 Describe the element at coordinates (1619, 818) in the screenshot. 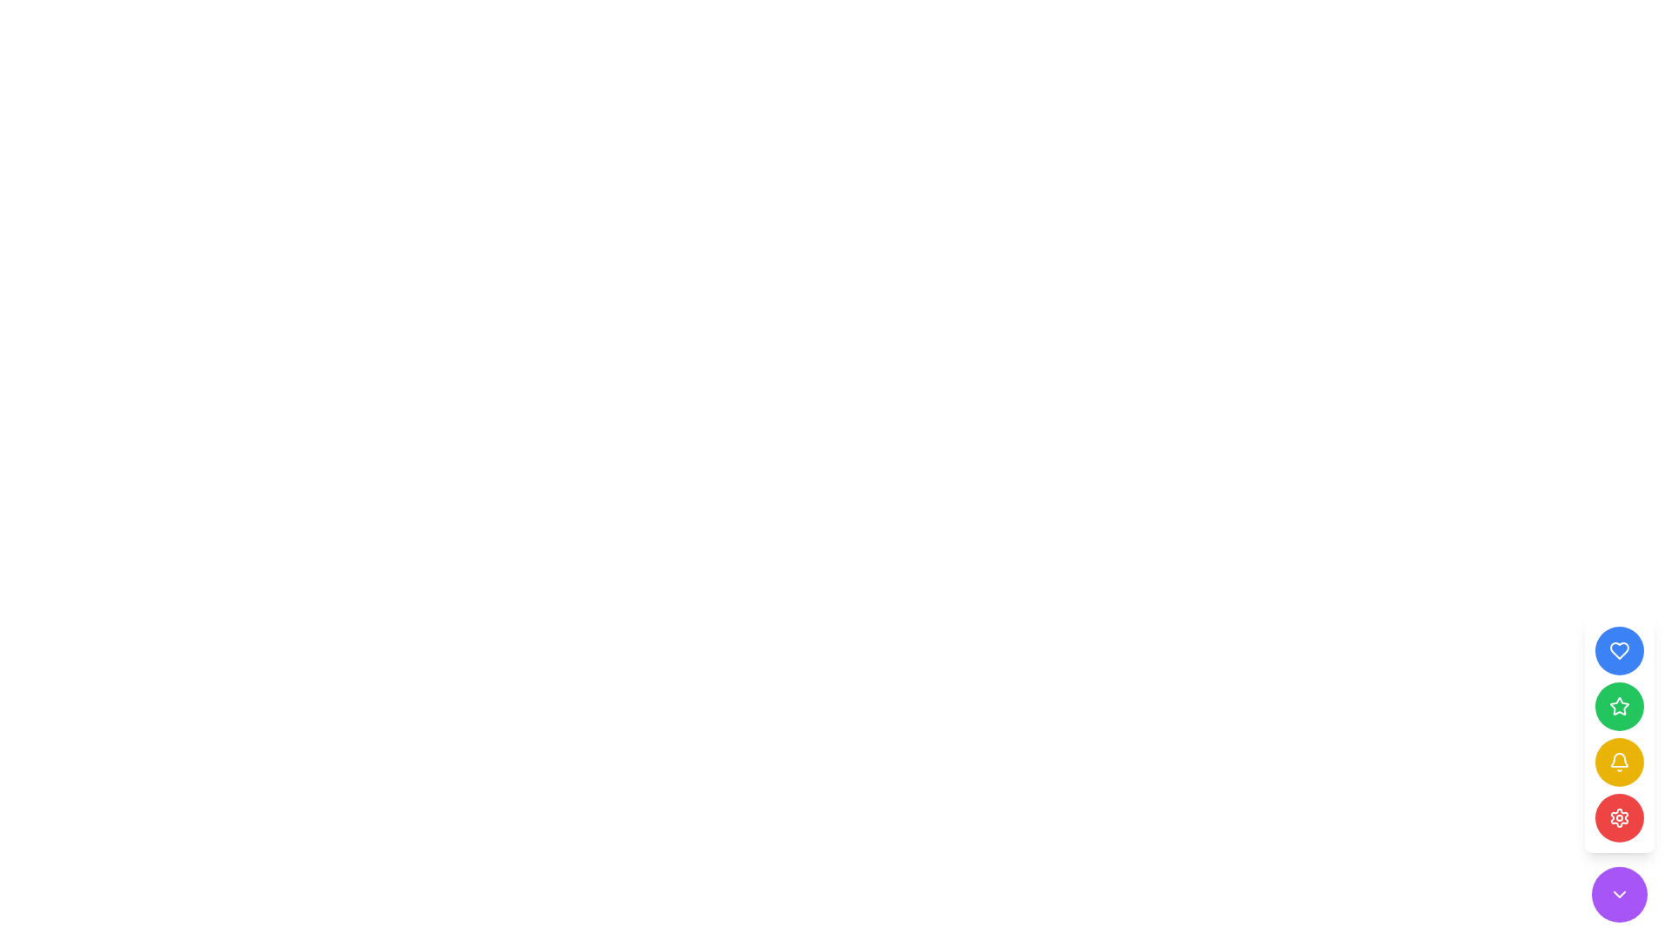

I see `the fifth icon button in the vertical stack of circular interactive icons` at that location.